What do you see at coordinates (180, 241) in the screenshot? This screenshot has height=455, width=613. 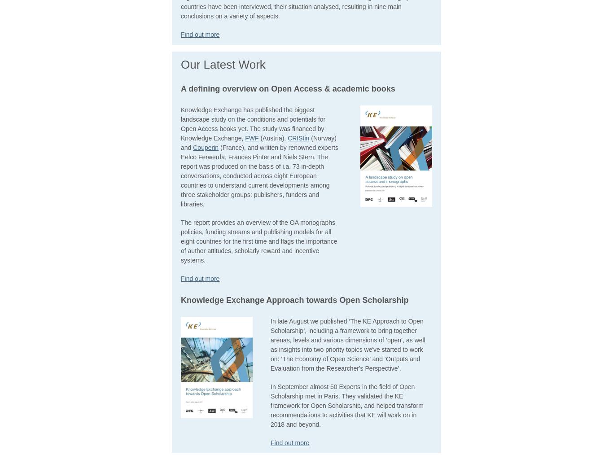 I see `'The report provides an overview of the OA monographs policies, funding streams and publishing models for all eight countries for the first time and flags the importance of author attitudes, scholarly reward and incentive systems.'` at bounding box center [180, 241].